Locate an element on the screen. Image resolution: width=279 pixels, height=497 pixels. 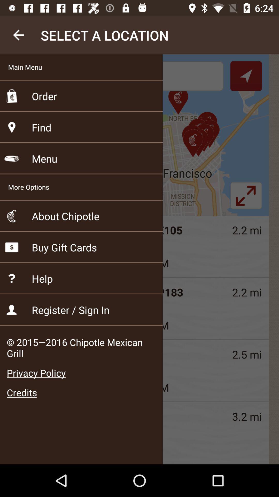
the navigation icon is located at coordinates (246, 76).